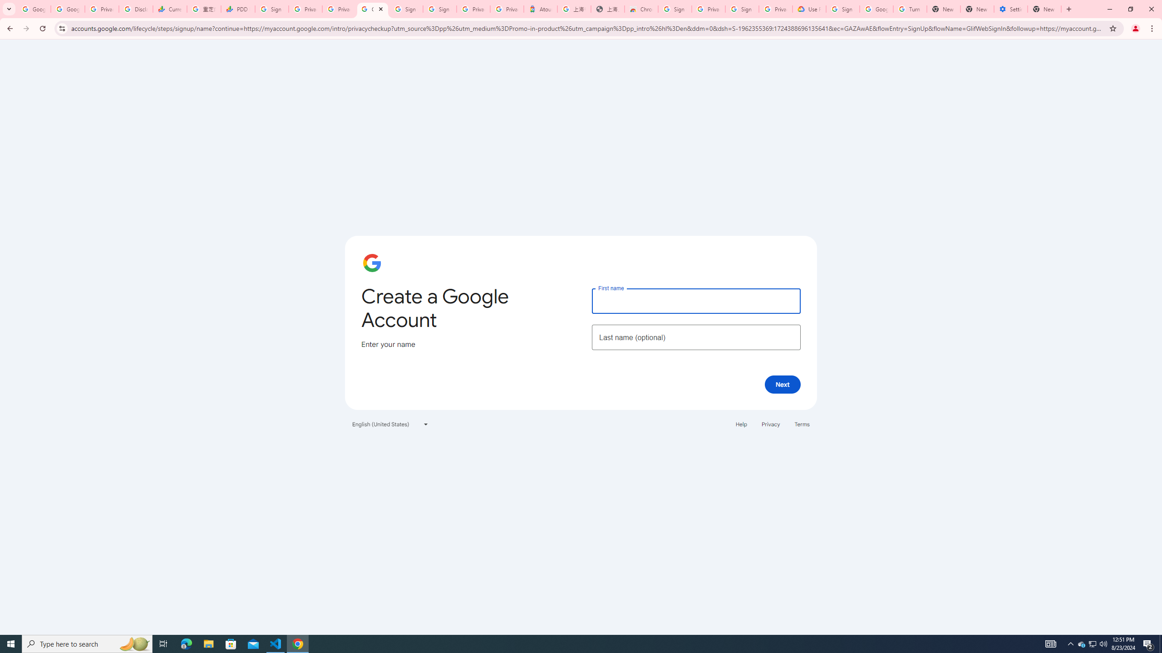 This screenshot has width=1162, height=653. What do you see at coordinates (770, 424) in the screenshot?
I see `'Privacy'` at bounding box center [770, 424].